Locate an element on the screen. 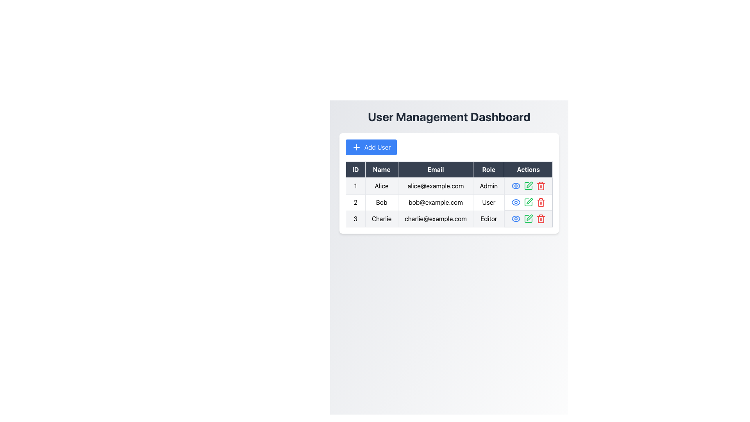 The height and width of the screenshot is (422, 750). text displayed in the Text Cell element that shows 'Alice' within the User Management Dashboard table is located at coordinates (382, 186).